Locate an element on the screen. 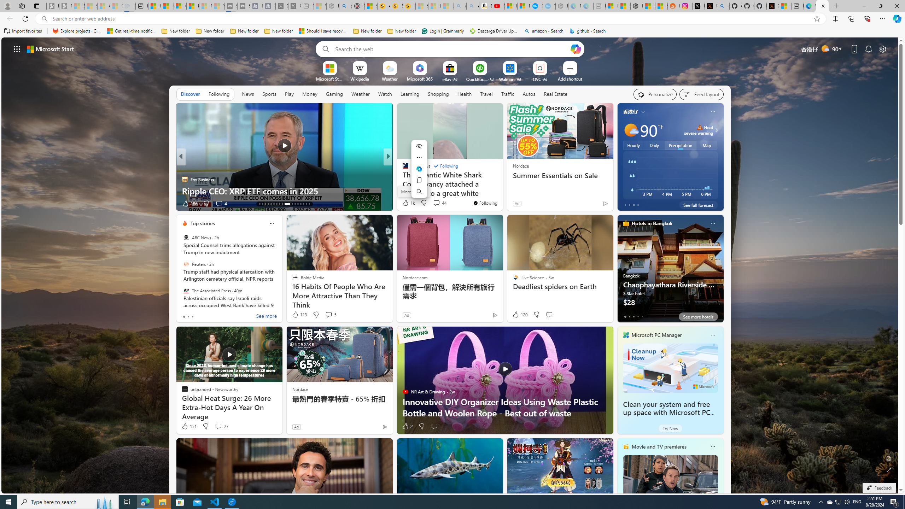  'Microsoft account | Microsoft Account Privacy Settings' is located at coordinates (611, 6).